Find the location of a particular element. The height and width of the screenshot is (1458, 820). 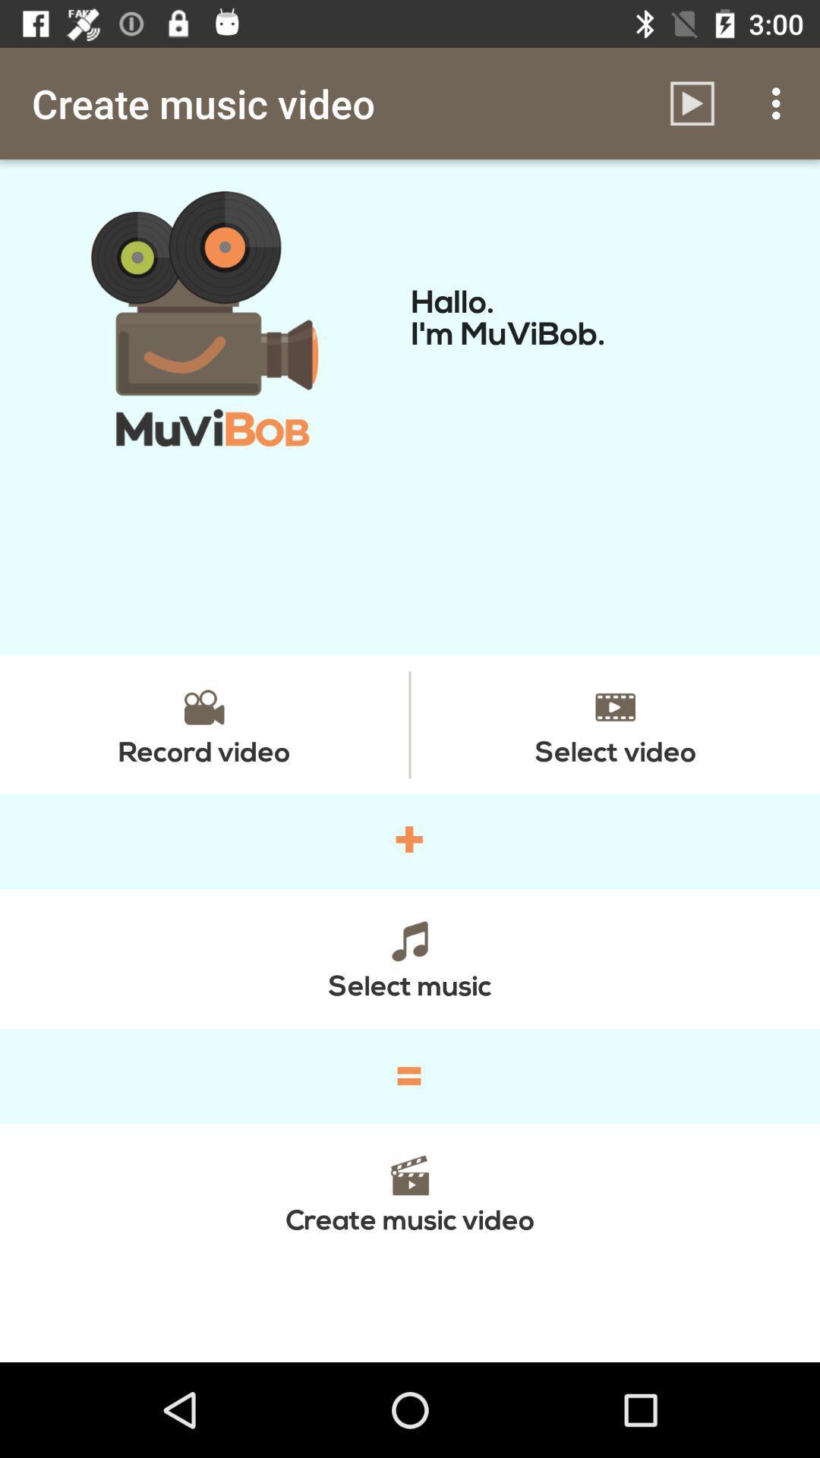

item to the right of the record video item is located at coordinates (615, 724).